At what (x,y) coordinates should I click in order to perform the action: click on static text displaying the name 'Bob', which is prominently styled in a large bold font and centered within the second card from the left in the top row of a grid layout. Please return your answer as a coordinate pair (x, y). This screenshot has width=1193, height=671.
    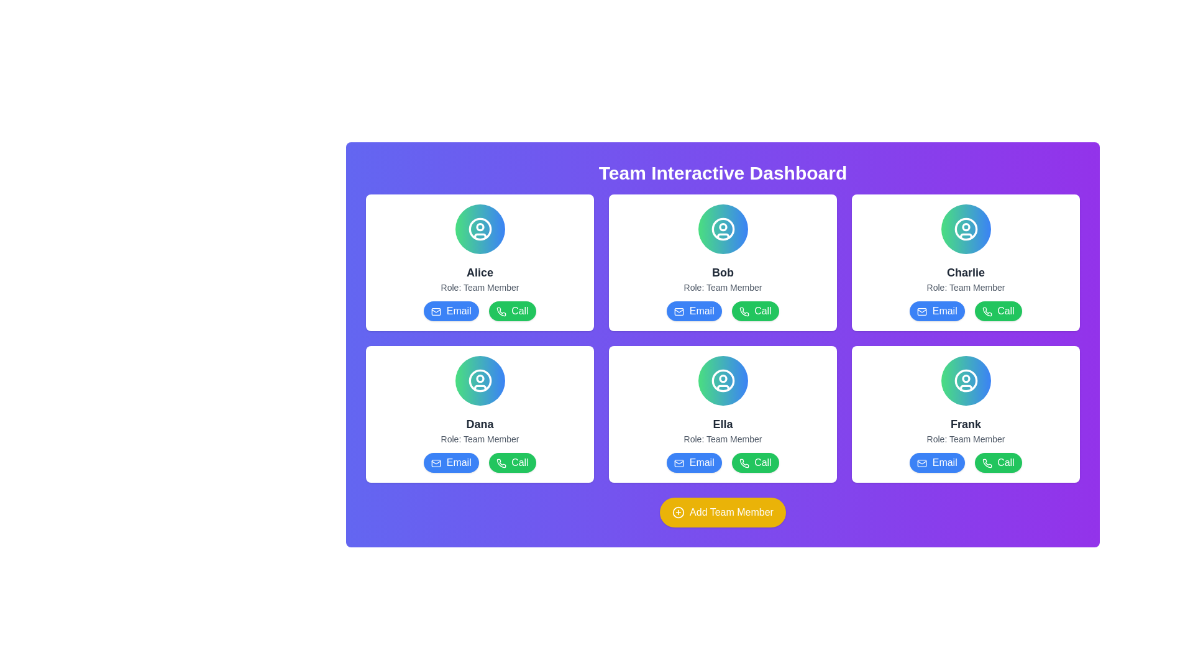
    Looking at the image, I should click on (723, 272).